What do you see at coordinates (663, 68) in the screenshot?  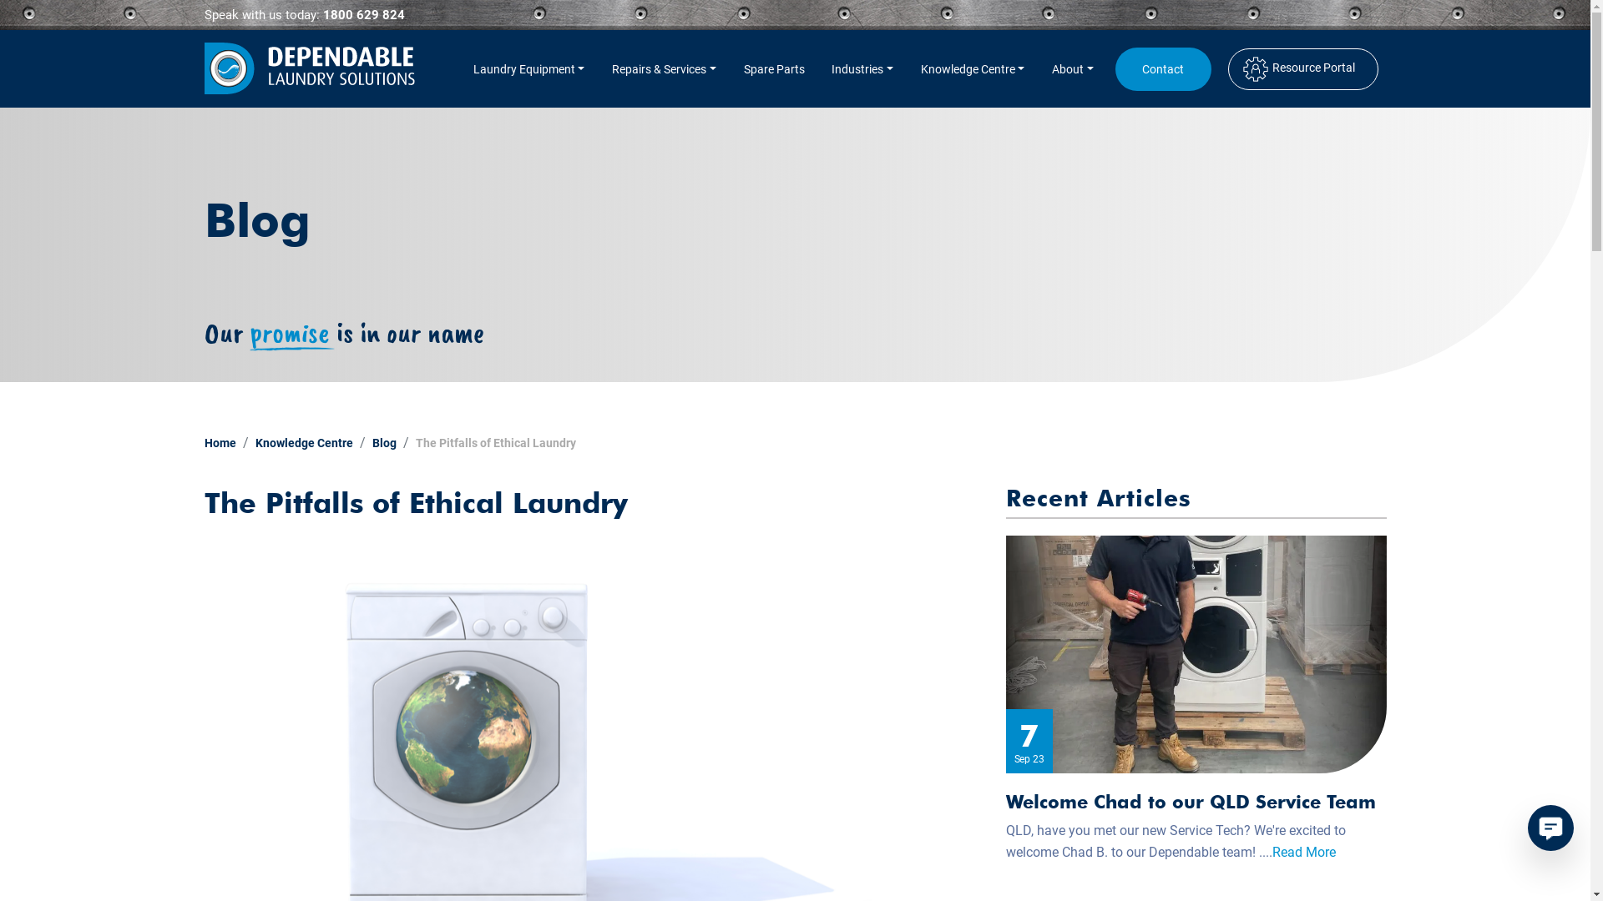 I see `'Repairs & Services'` at bounding box center [663, 68].